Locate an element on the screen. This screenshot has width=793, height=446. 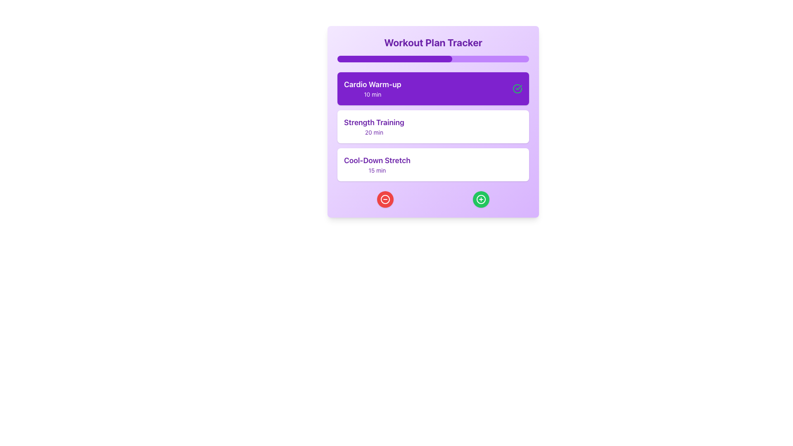
the 'Strength Training' text label, which is a bold, medium-large purple label located within the workout plan interface is located at coordinates (373, 123).